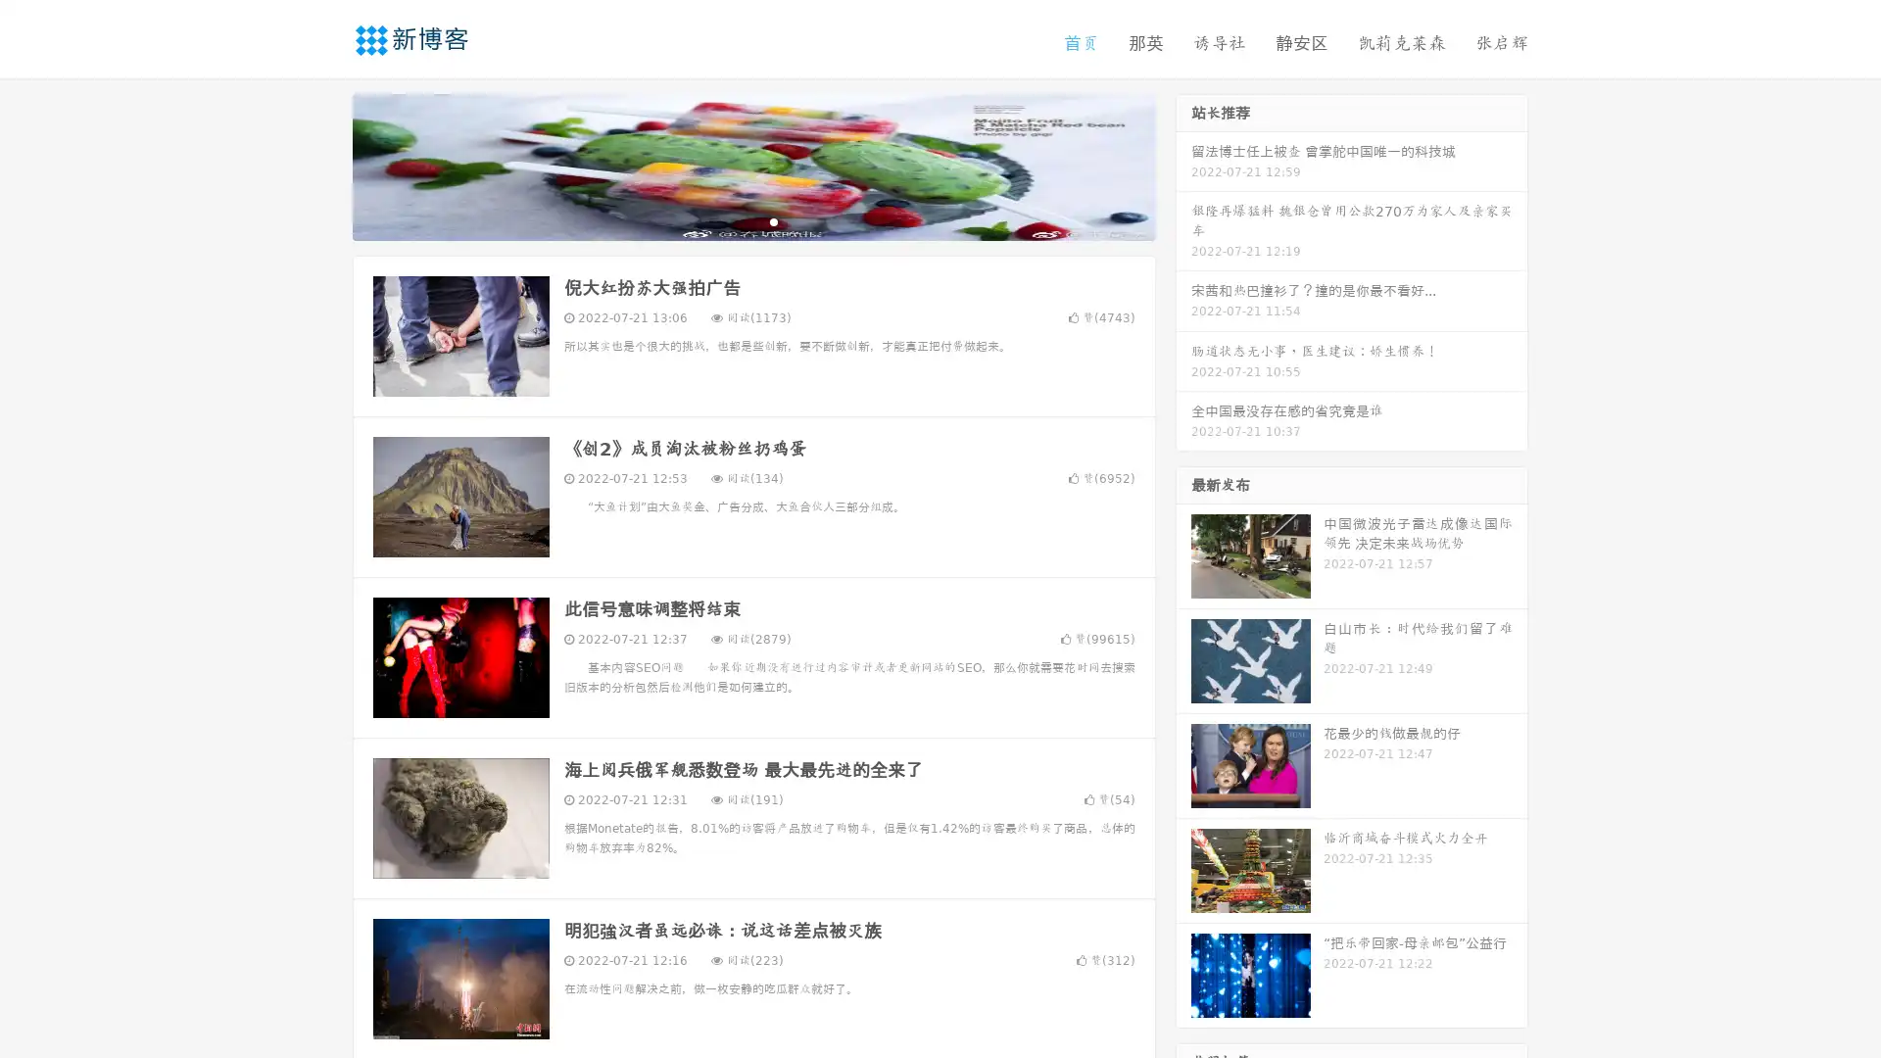  What do you see at coordinates (733, 220) in the screenshot?
I see `Go to slide 1` at bounding box center [733, 220].